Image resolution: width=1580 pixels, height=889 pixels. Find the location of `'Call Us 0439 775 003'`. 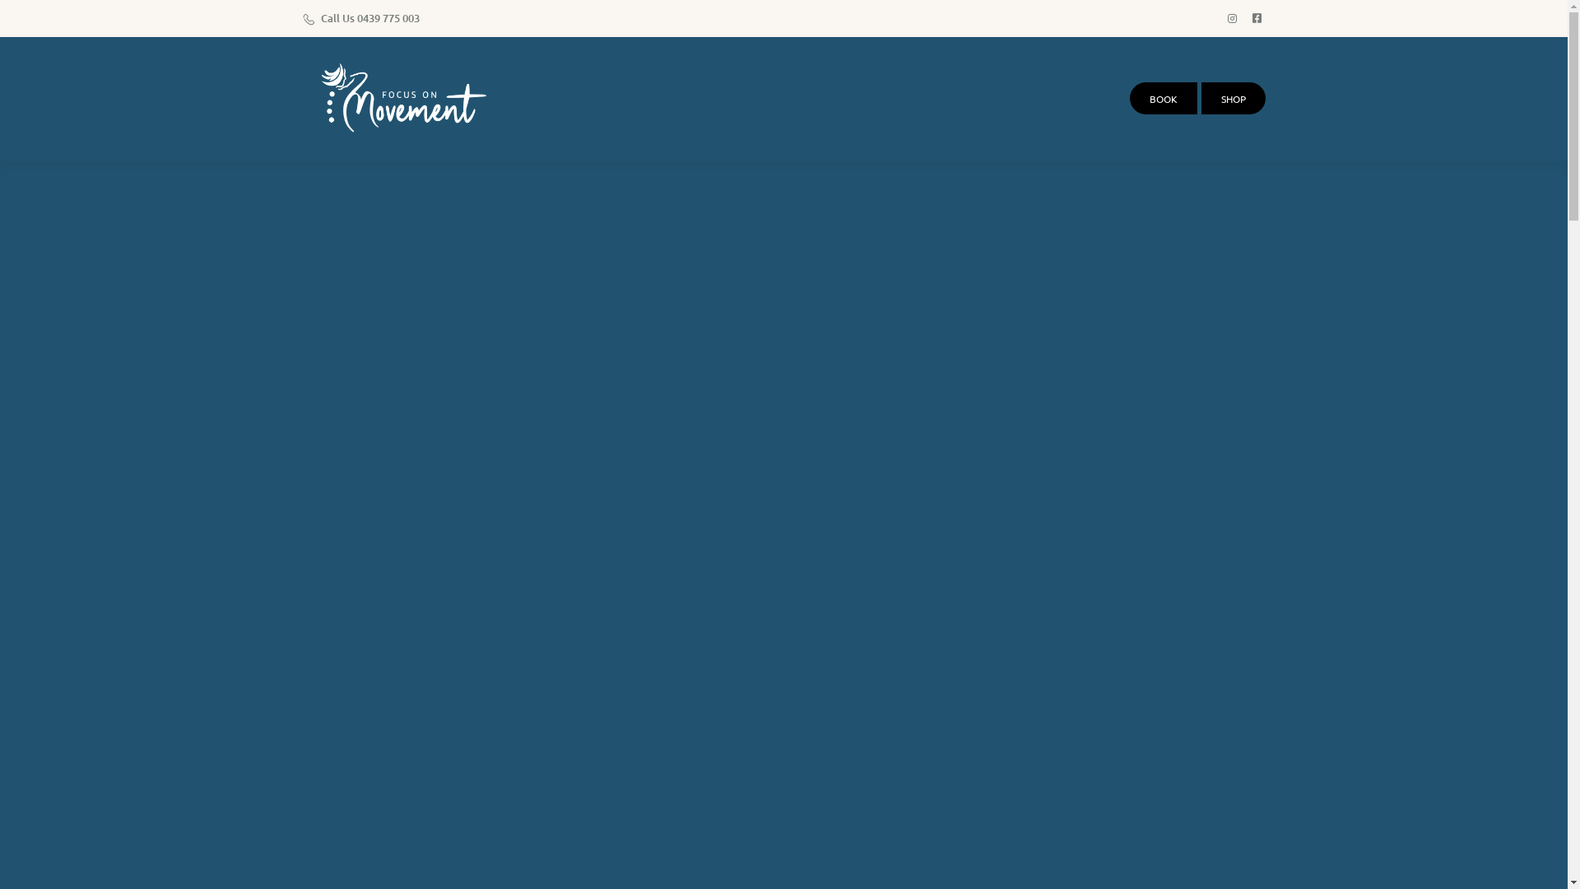

'Call Us 0439 775 003' is located at coordinates (360, 18).